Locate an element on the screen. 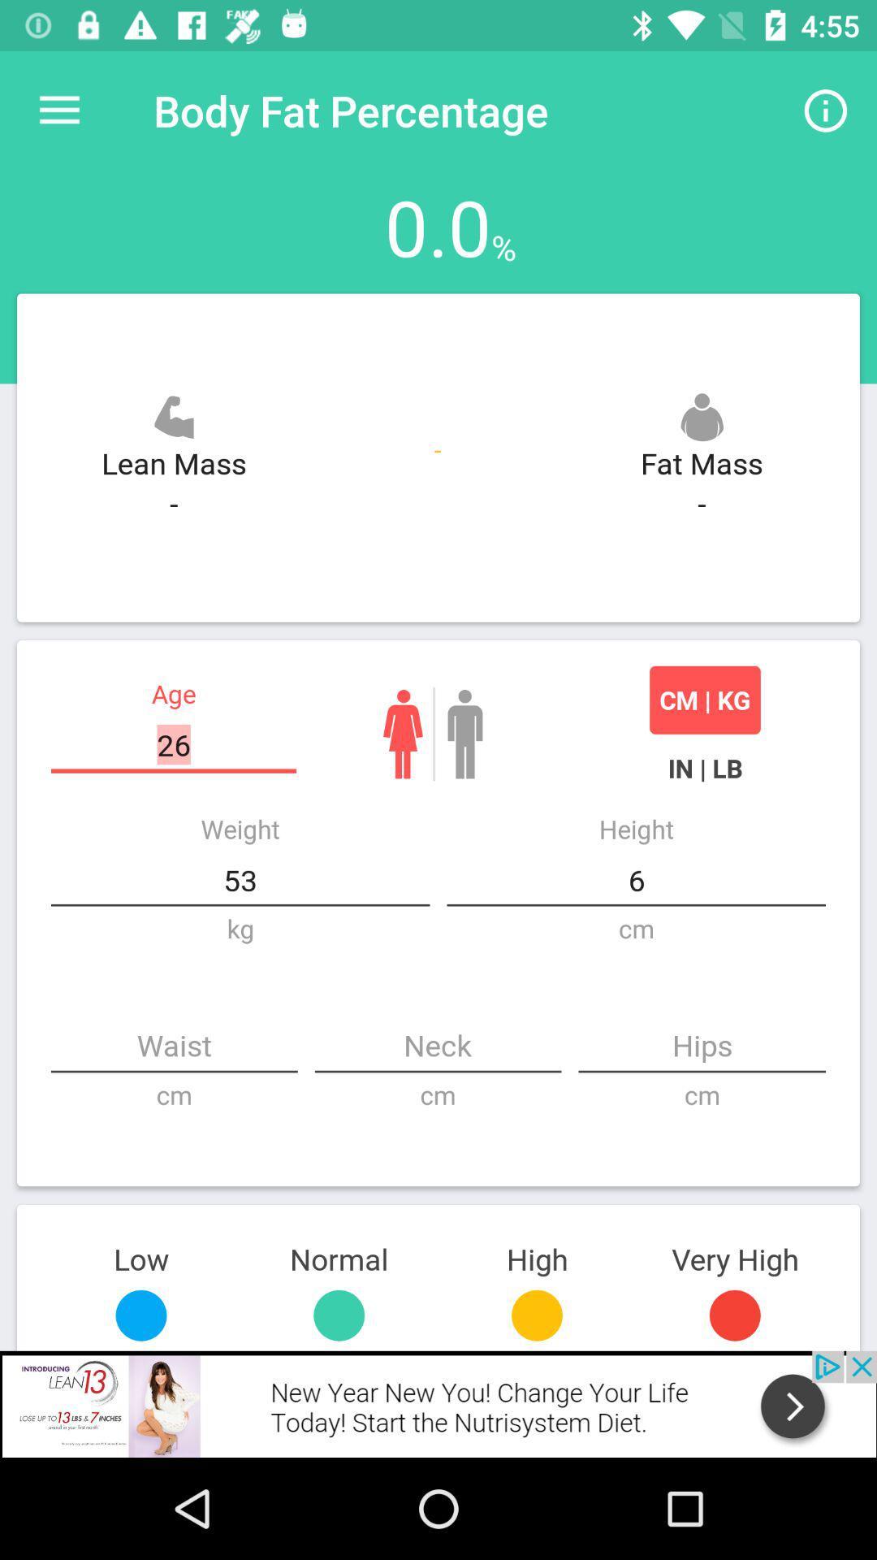 This screenshot has height=1560, width=877. button left to yellow button is located at coordinates (338, 1315).